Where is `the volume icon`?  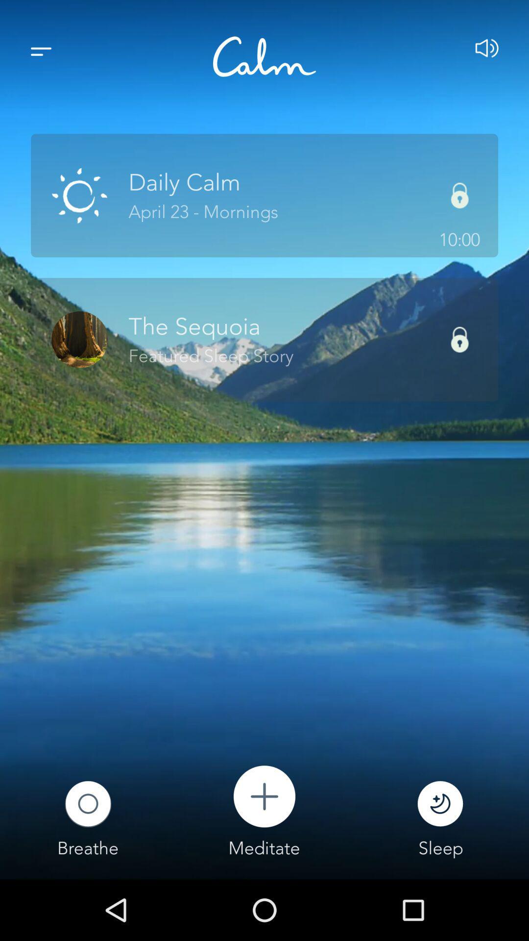
the volume icon is located at coordinates (487, 51).